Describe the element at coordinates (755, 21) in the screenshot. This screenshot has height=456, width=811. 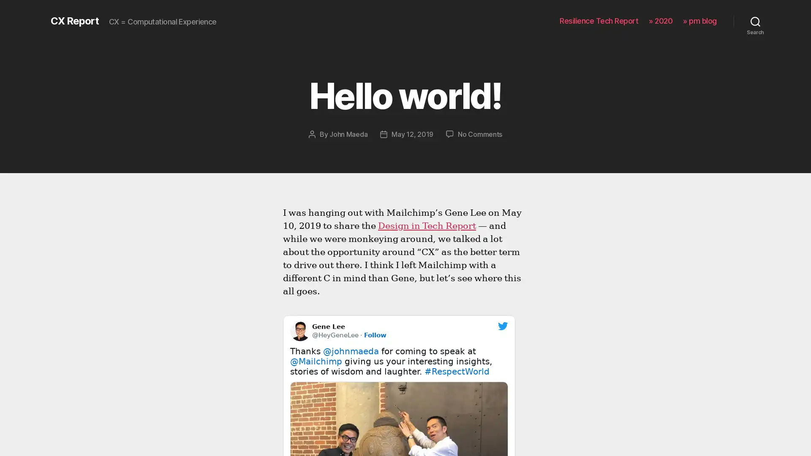
I see `Search` at that location.